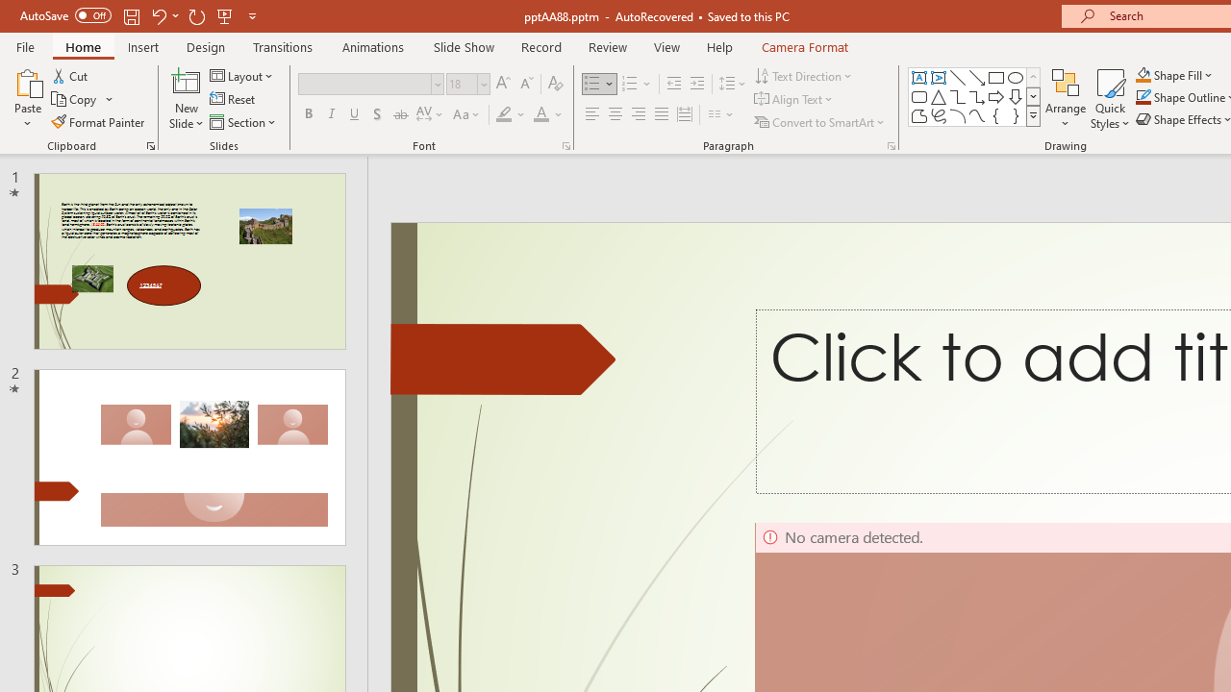 The image size is (1231, 692). I want to click on 'Paste', so click(27, 81).